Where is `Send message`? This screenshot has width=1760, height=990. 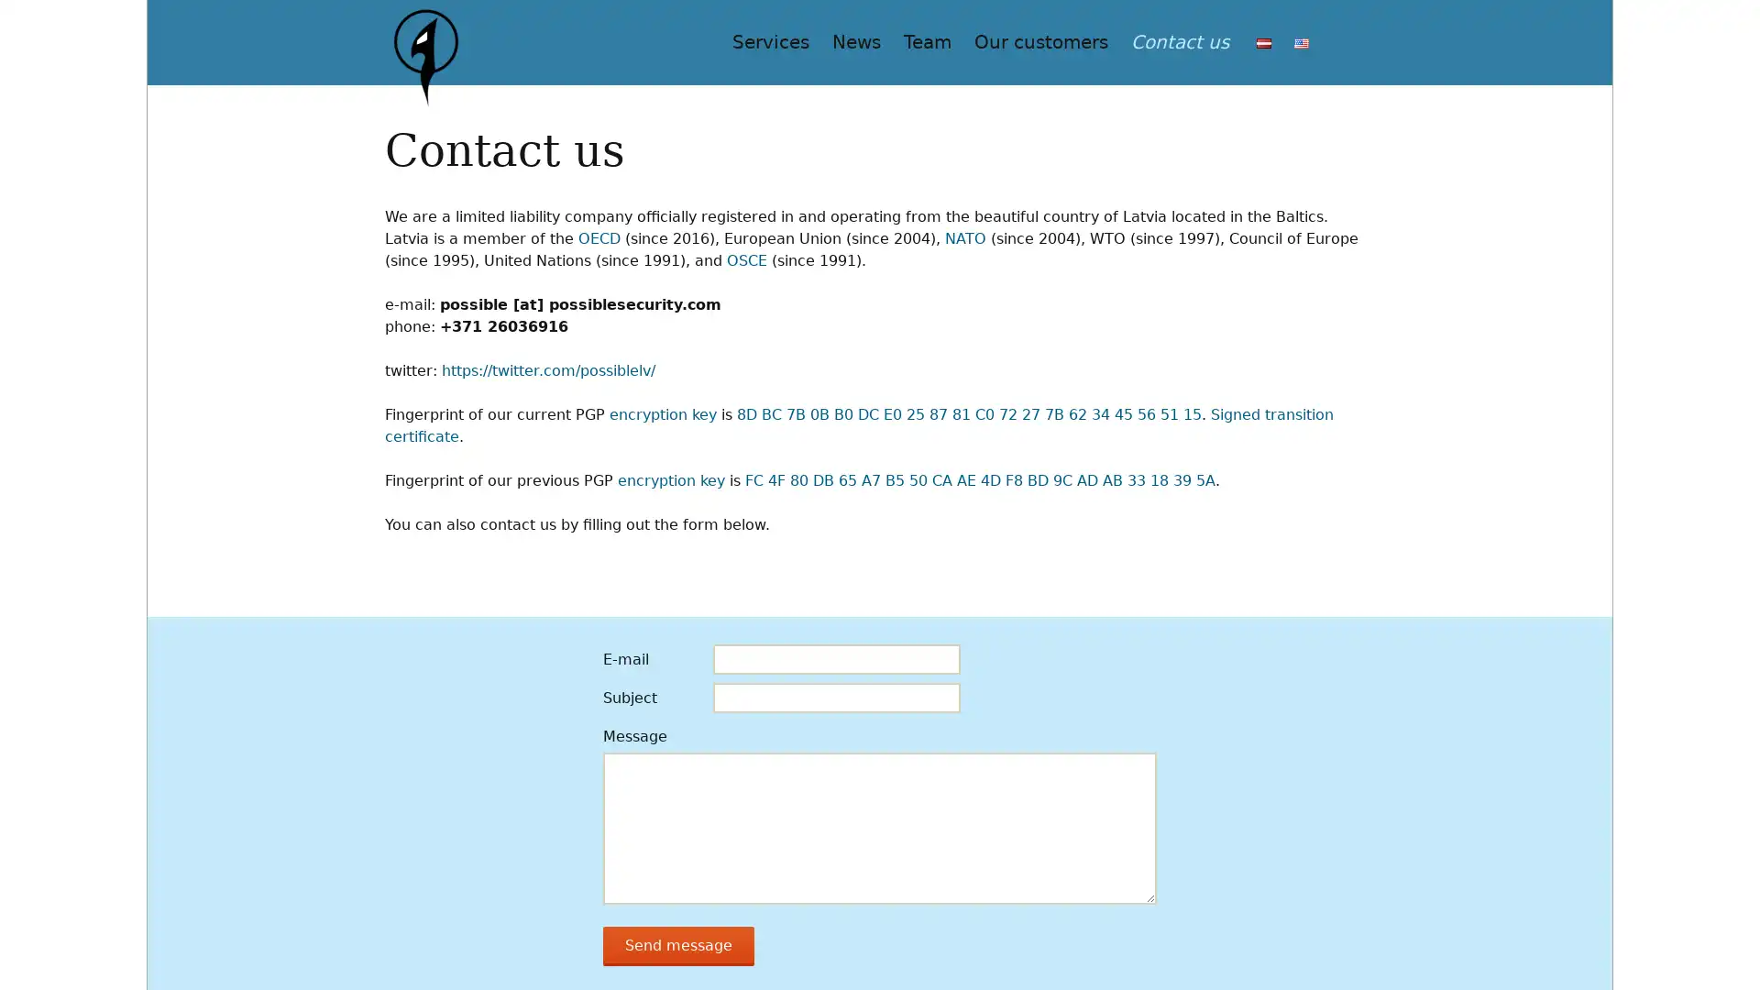 Send message is located at coordinates (674, 950).